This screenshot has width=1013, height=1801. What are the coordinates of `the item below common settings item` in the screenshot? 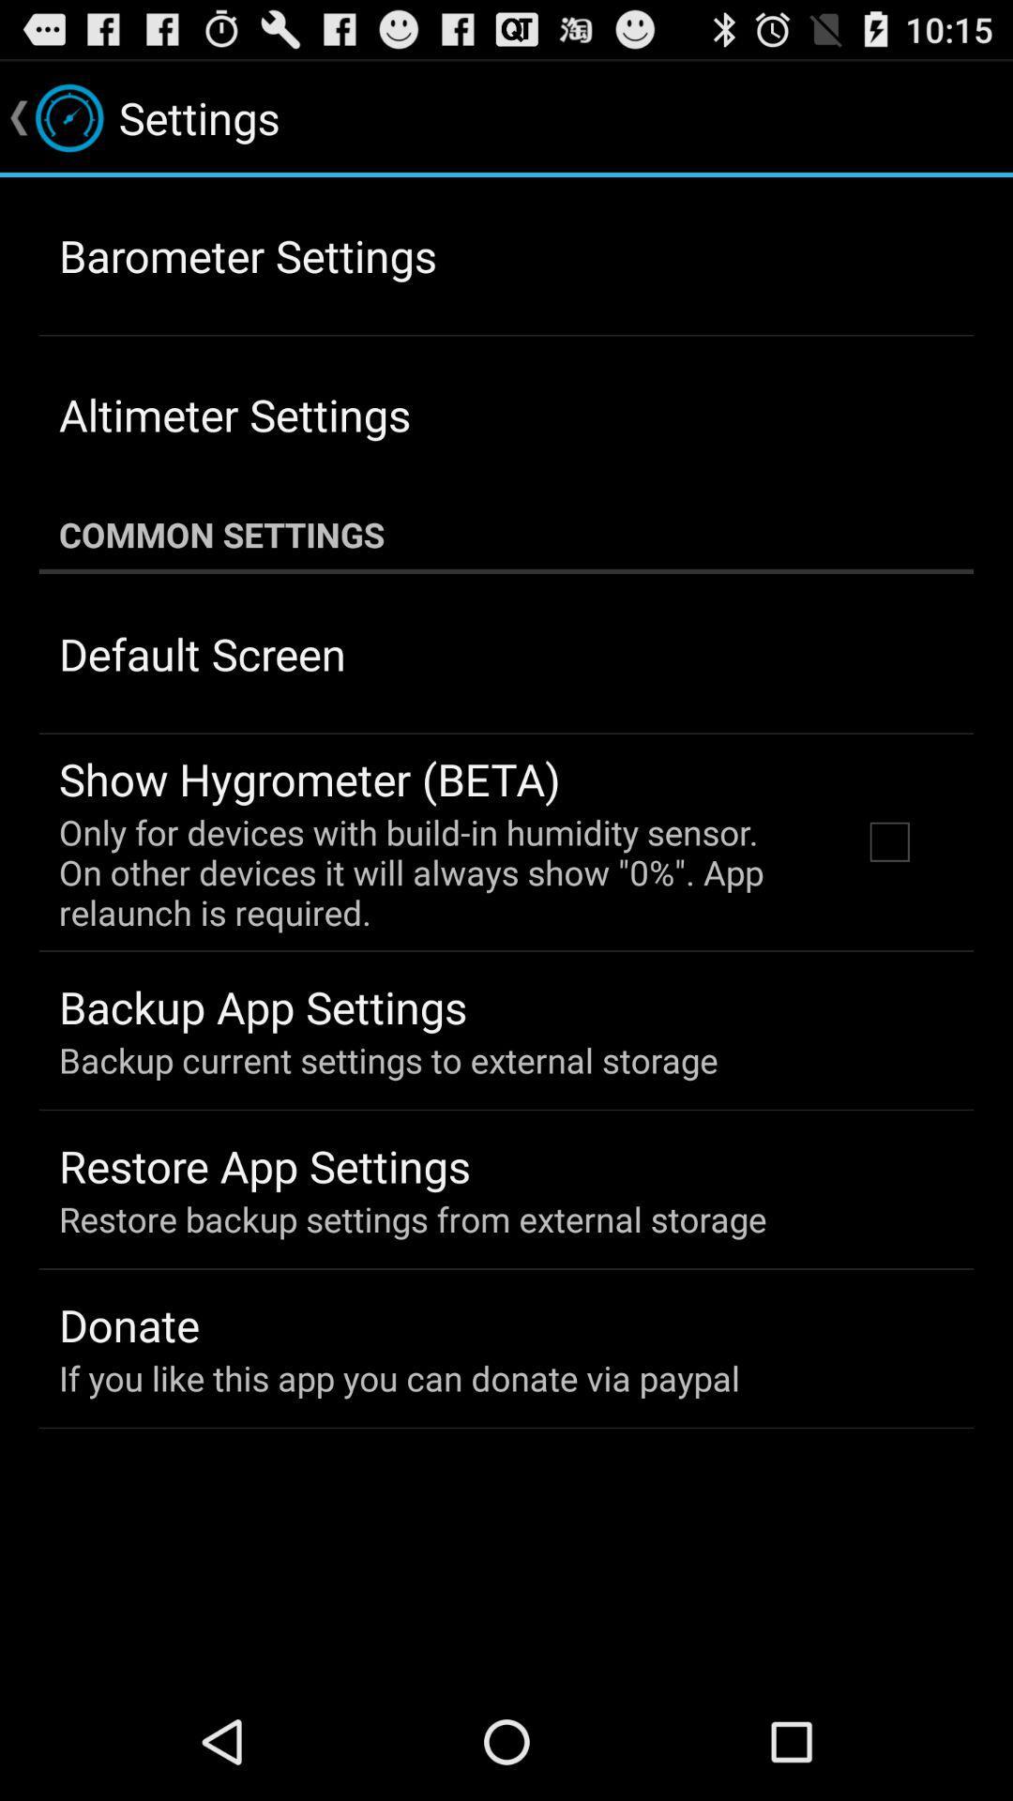 It's located at (203, 654).